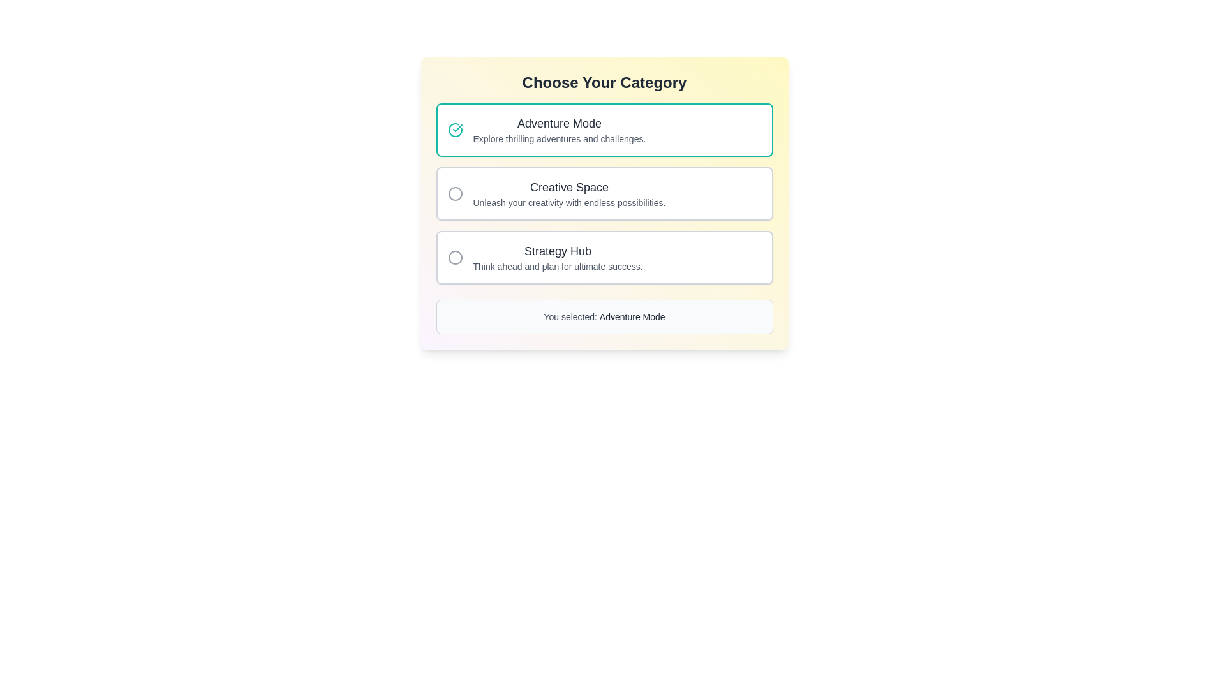  What do you see at coordinates (559, 123) in the screenshot?
I see `the Label/Header Text at the top center of the selectable card-like component, which serves as the title for the first option in the list` at bounding box center [559, 123].